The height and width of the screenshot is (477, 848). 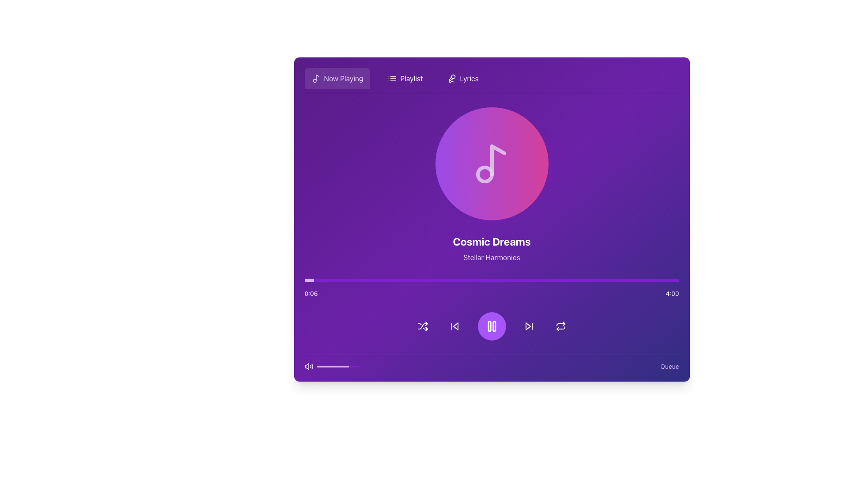 What do you see at coordinates (307, 366) in the screenshot?
I see `the medium-sized speaker icon emitting sound waves, located at the bottom-left corner of the music player interface` at bounding box center [307, 366].